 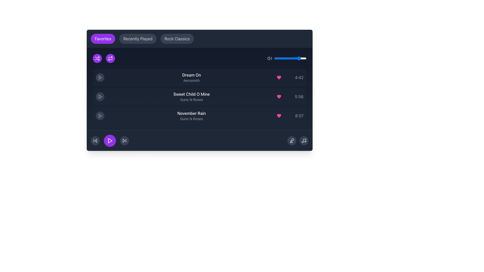 I want to click on the triangular play button, which is bright purple and located among the bottom control icons of the music player interface, so click(x=110, y=141).